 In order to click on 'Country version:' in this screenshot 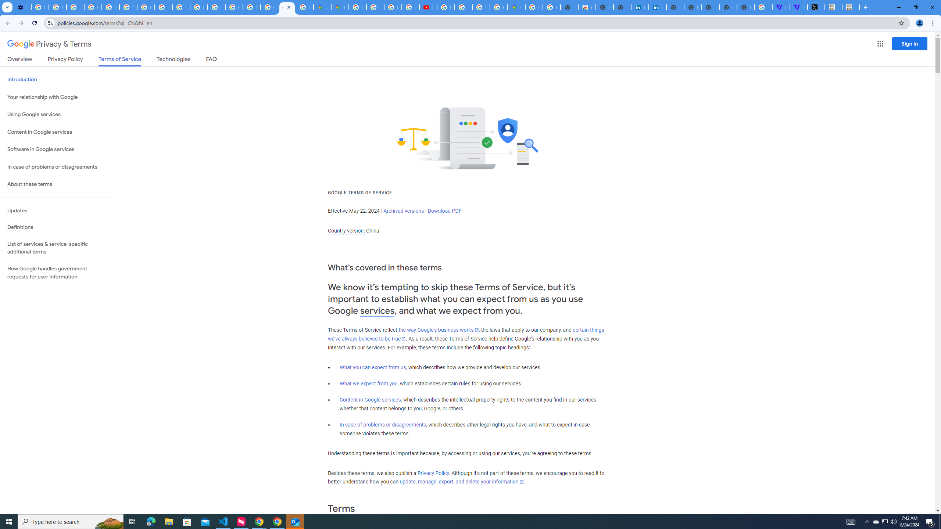, I will do `click(346, 231)`.